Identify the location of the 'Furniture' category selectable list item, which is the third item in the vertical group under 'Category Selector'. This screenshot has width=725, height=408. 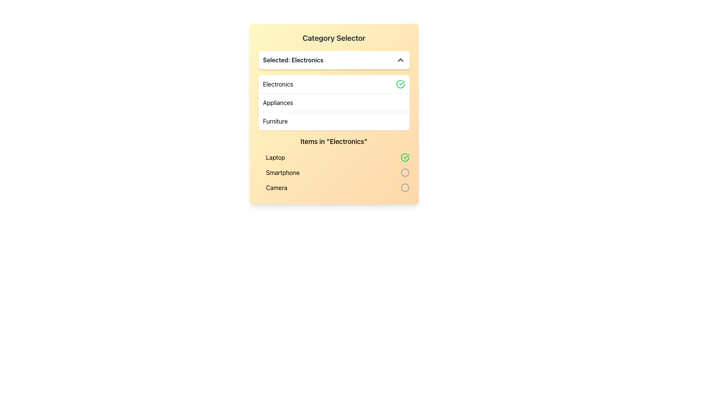
(333, 121).